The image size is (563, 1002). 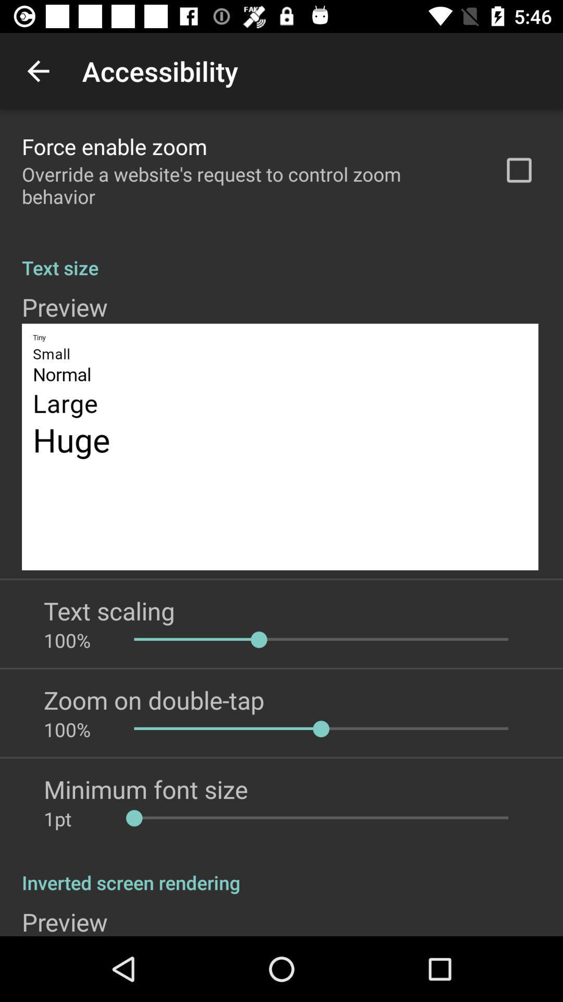 What do you see at coordinates (38, 70) in the screenshot?
I see `the item to the left of accessibility item` at bounding box center [38, 70].